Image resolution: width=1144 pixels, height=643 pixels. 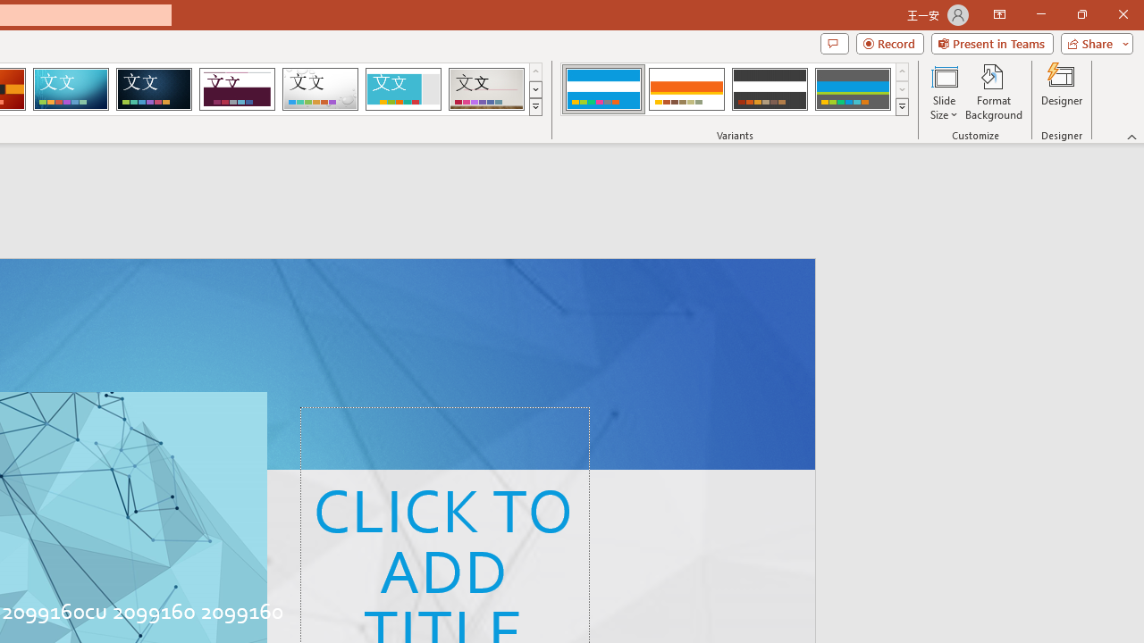 What do you see at coordinates (993, 92) in the screenshot?
I see `'Format Background'` at bounding box center [993, 92].